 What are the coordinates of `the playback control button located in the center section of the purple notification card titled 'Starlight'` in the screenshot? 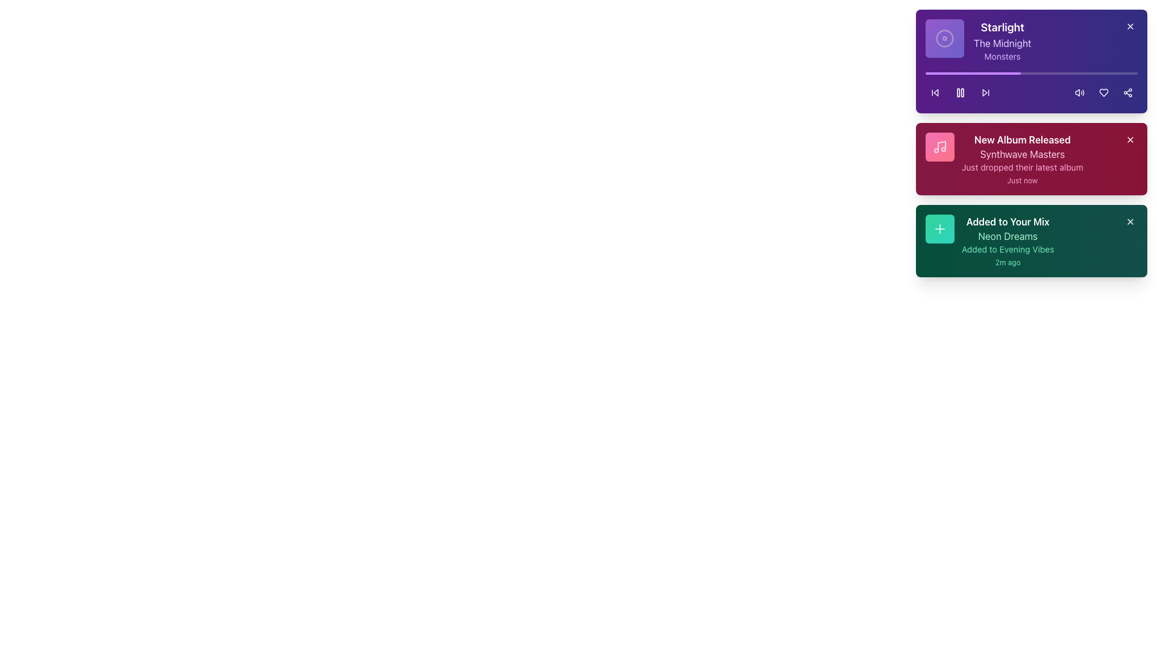 It's located at (959, 92).